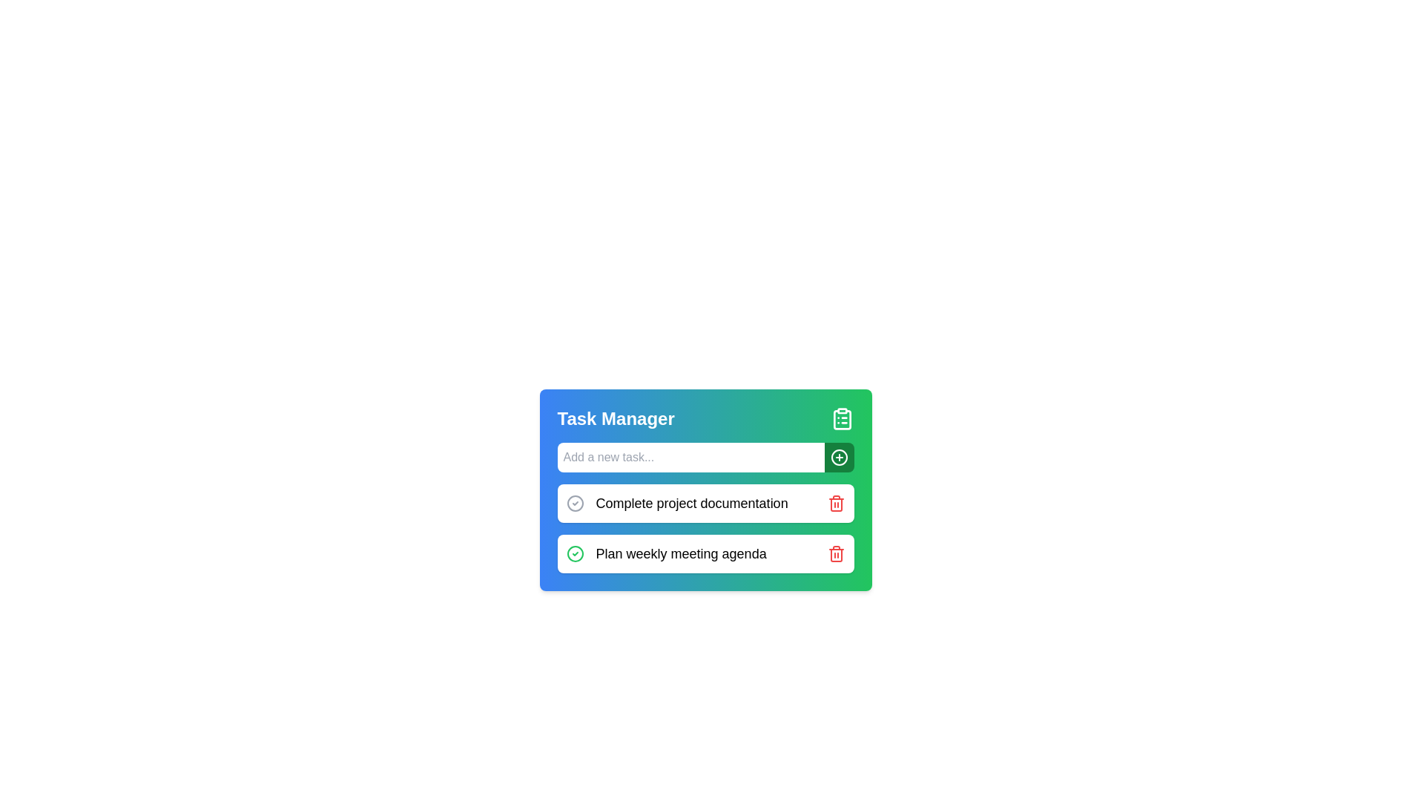  I want to click on the completion icon located, so click(574, 554).